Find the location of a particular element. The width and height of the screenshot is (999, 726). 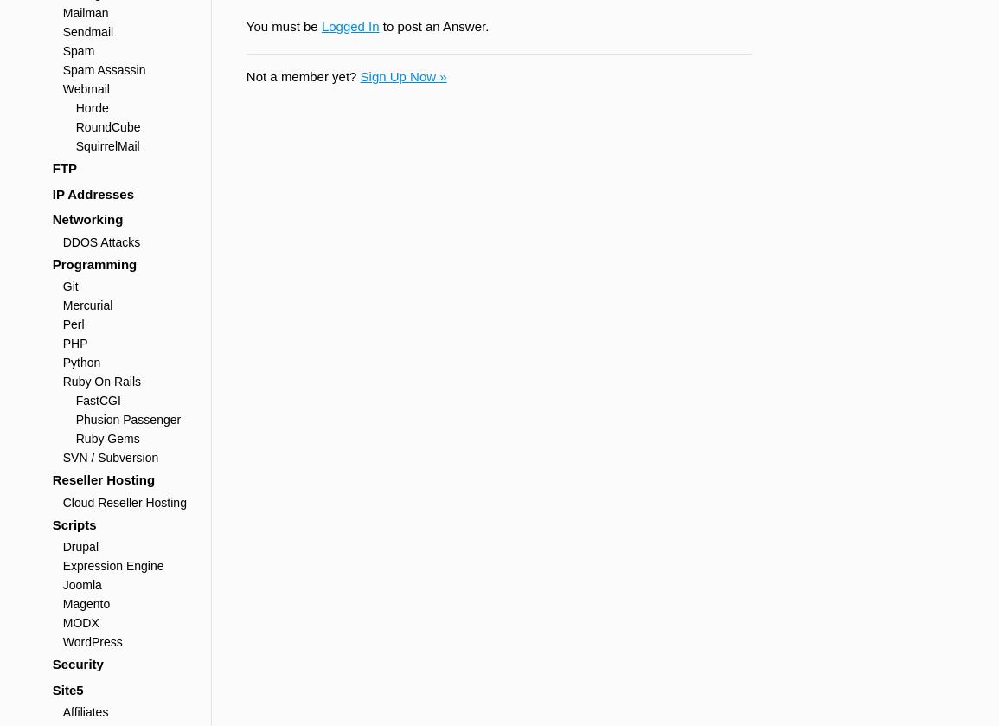

'MODX' is located at coordinates (80, 622).